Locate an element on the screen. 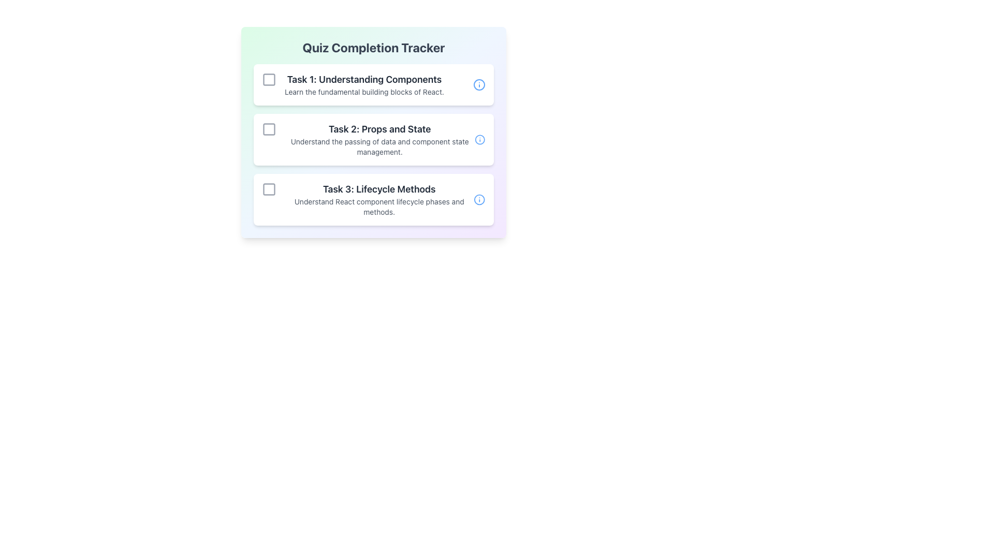 The height and width of the screenshot is (559, 994). the text label that provides additional information for 'Task 1,' positioned below 'Task 1: Understanding Components' in the task card is located at coordinates (364, 91).